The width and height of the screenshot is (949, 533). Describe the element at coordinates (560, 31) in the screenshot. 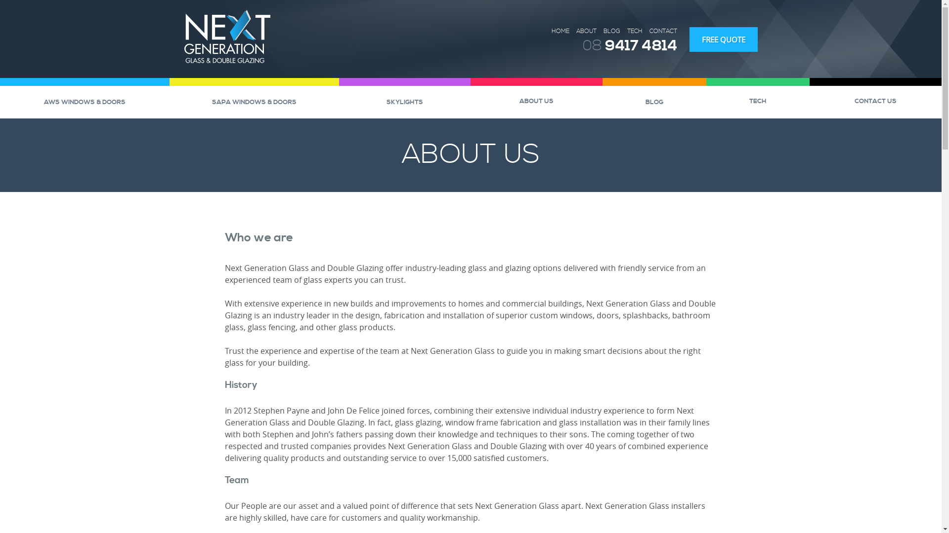

I see `'HOME'` at that location.